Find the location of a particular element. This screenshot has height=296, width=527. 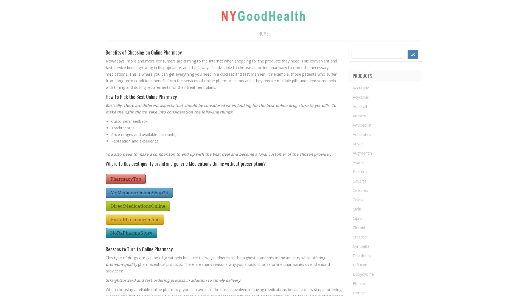

Go is located at coordinates (413, 54).